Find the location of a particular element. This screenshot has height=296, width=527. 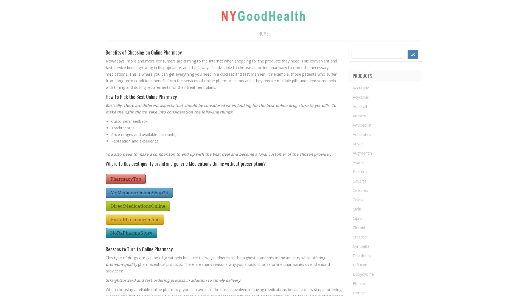

Go is located at coordinates (413, 54).